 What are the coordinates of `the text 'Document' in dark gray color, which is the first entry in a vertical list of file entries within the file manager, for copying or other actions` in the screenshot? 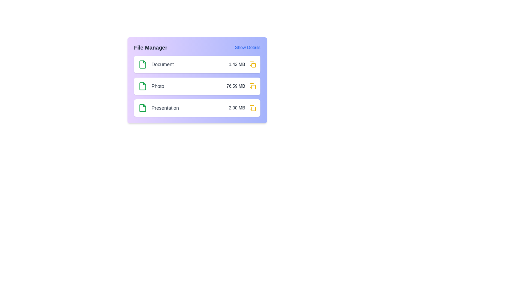 It's located at (162, 64).